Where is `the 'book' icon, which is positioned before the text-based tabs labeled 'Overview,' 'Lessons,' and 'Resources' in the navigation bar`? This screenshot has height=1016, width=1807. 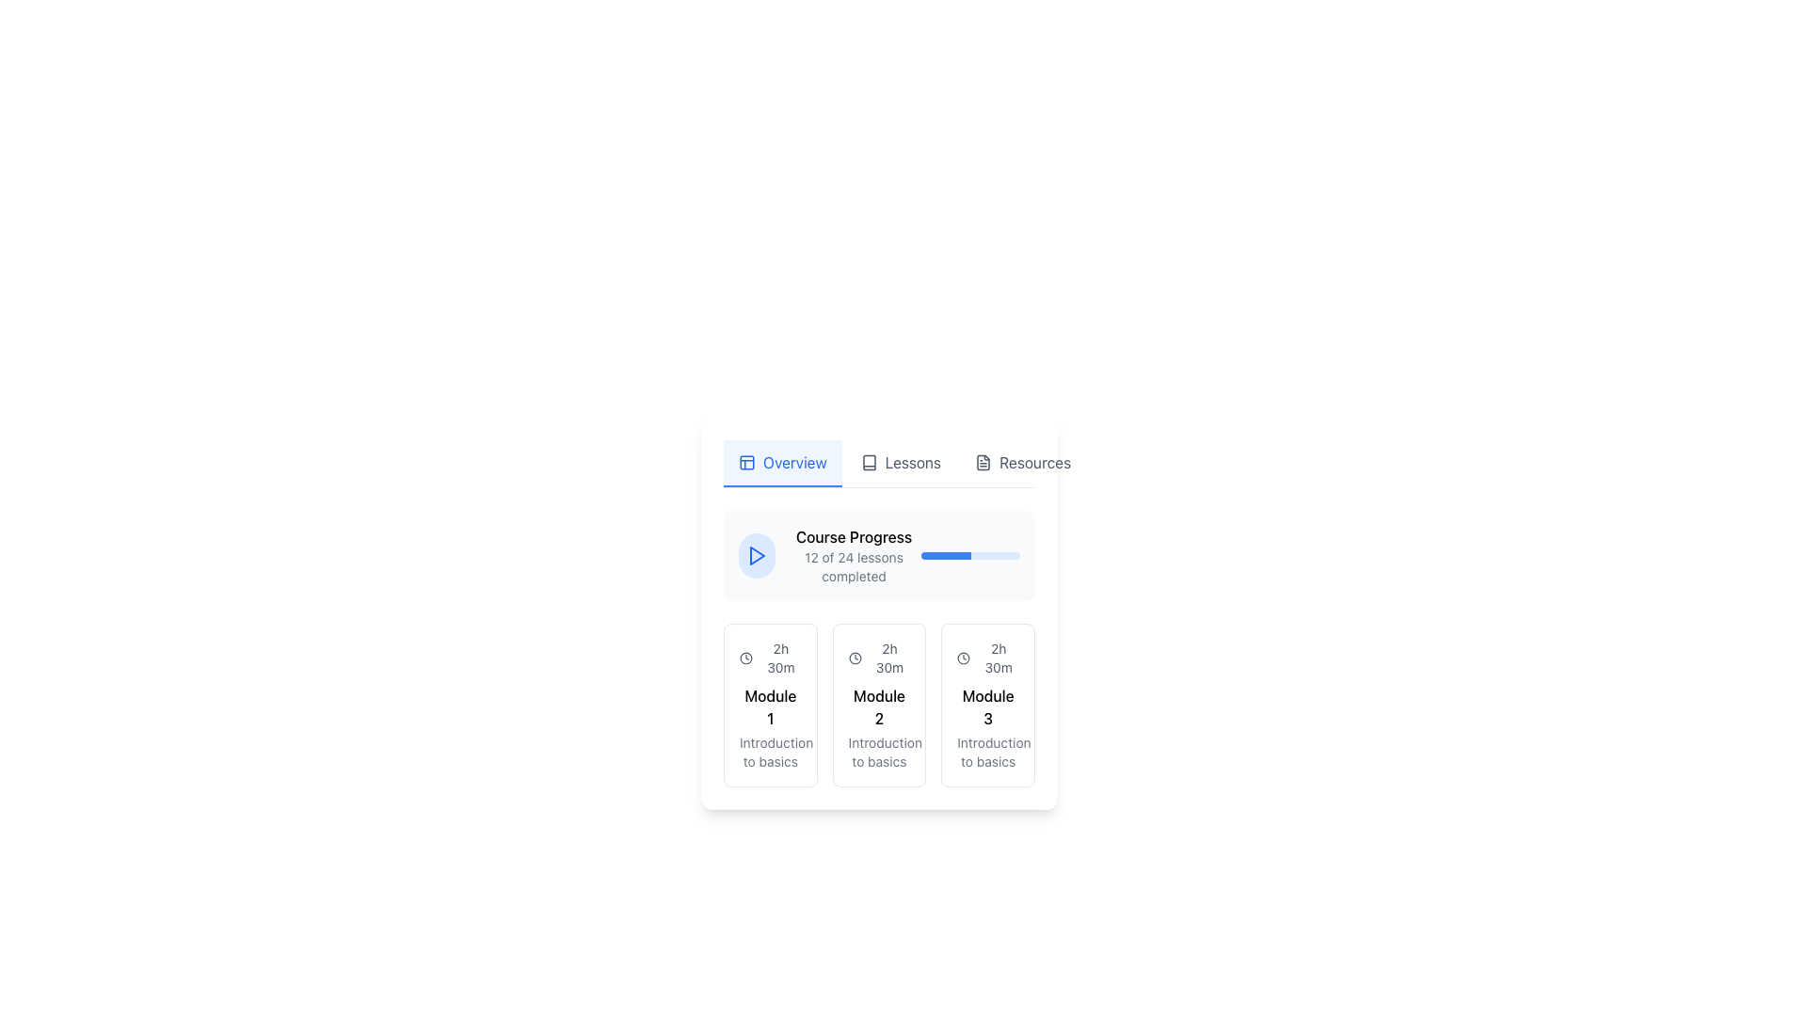 the 'book' icon, which is positioned before the text-based tabs labeled 'Overview,' 'Lessons,' and 'Resources' in the navigation bar is located at coordinates (868, 463).